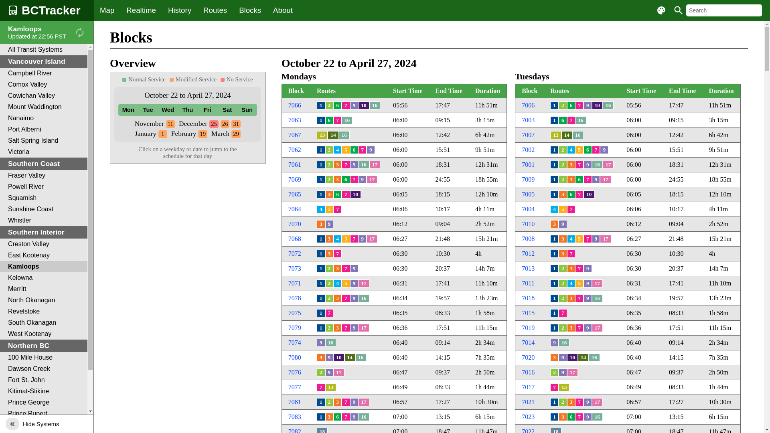  What do you see at coordinates (43, 311) in the screenshot?
I see `'Revelstoke'` at bounding box center [43, 311].